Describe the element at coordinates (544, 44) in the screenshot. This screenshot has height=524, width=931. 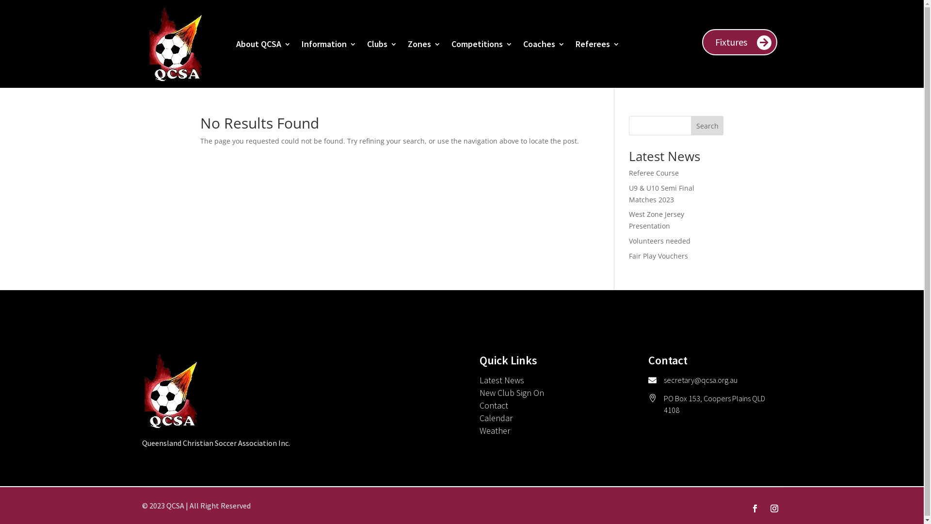
I see `'Coaches'` at that location.